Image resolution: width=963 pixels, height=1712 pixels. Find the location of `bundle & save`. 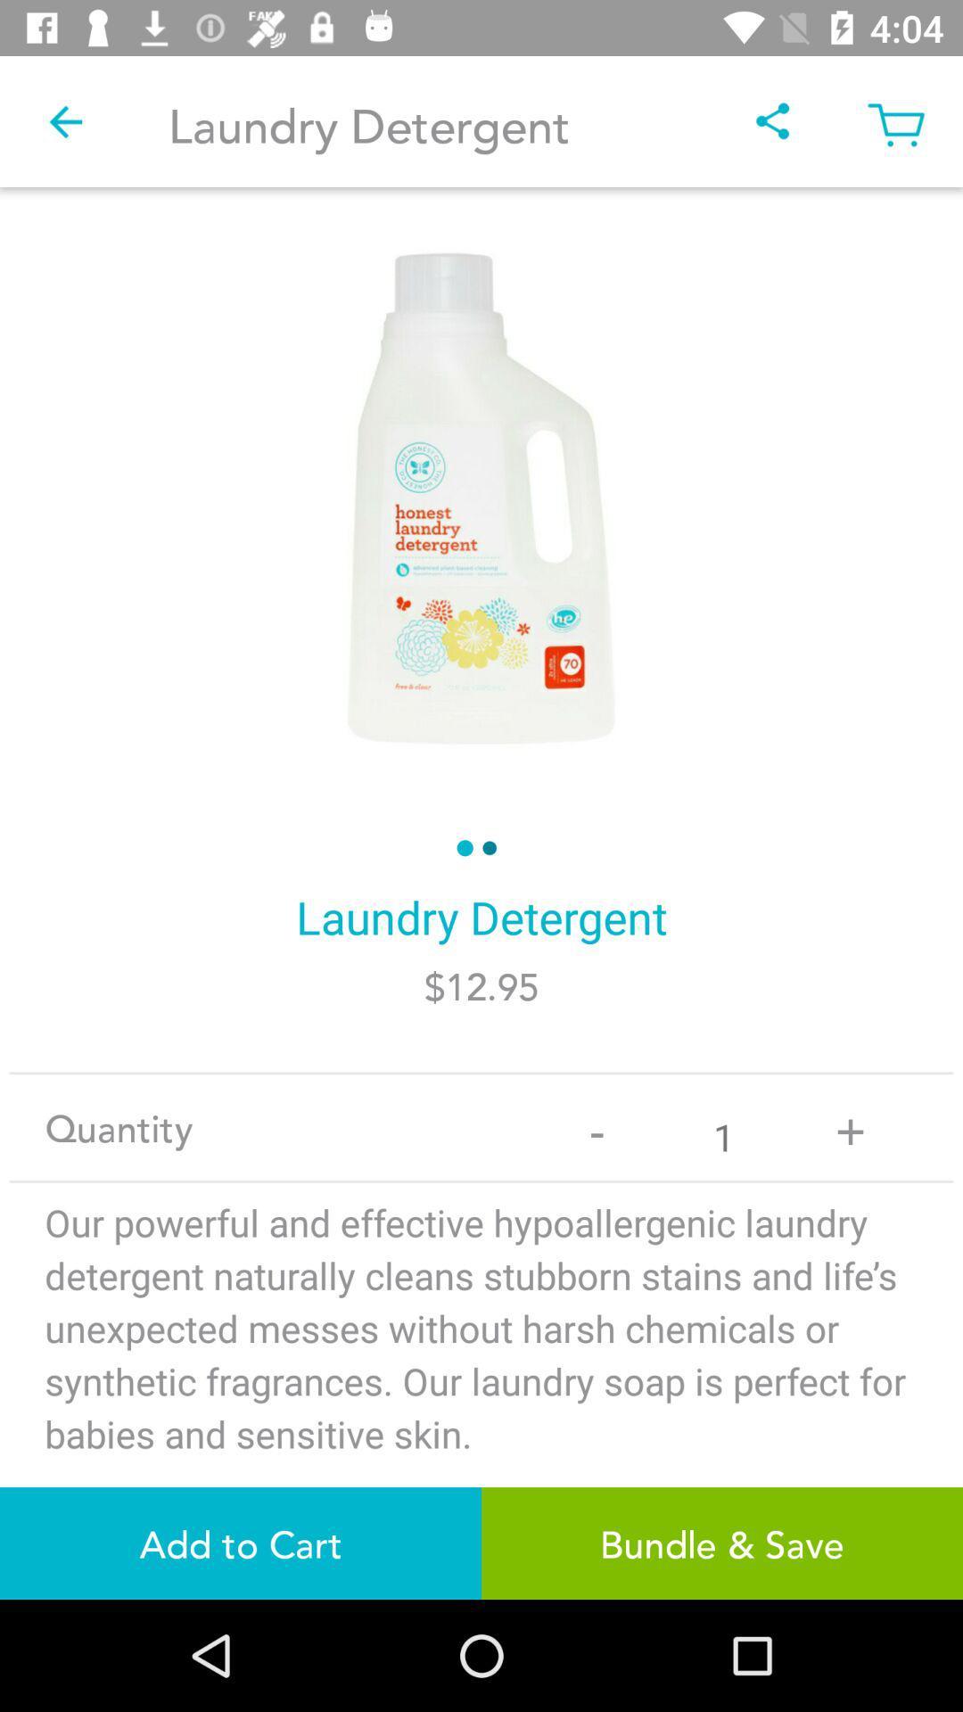

bundle & save is located at coordinates (722, 1543).